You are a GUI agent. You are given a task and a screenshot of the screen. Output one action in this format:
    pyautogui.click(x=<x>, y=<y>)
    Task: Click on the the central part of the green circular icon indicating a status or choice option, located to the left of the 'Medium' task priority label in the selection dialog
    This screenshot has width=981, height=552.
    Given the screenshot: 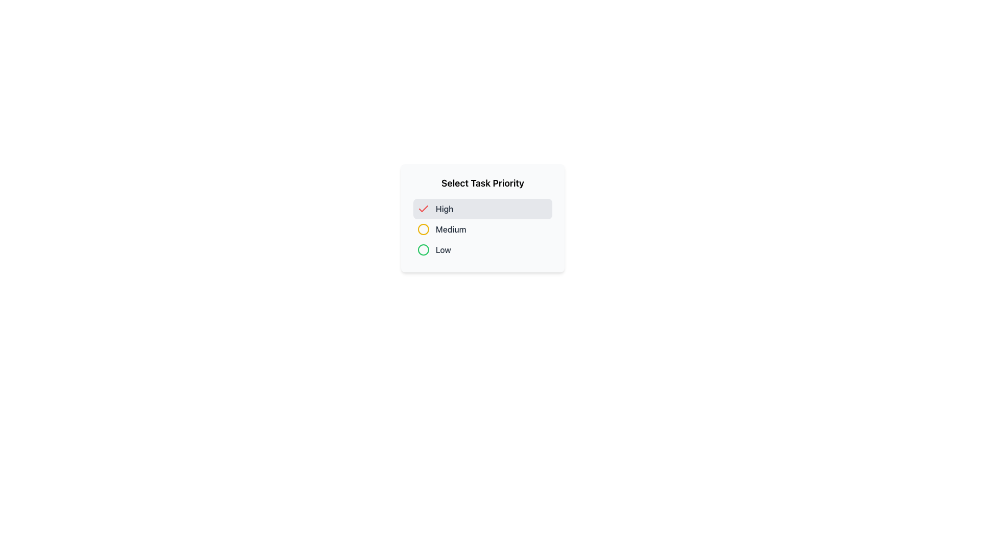 What is the action you would take?
    pyautogui.click(x=424, y=250)
    